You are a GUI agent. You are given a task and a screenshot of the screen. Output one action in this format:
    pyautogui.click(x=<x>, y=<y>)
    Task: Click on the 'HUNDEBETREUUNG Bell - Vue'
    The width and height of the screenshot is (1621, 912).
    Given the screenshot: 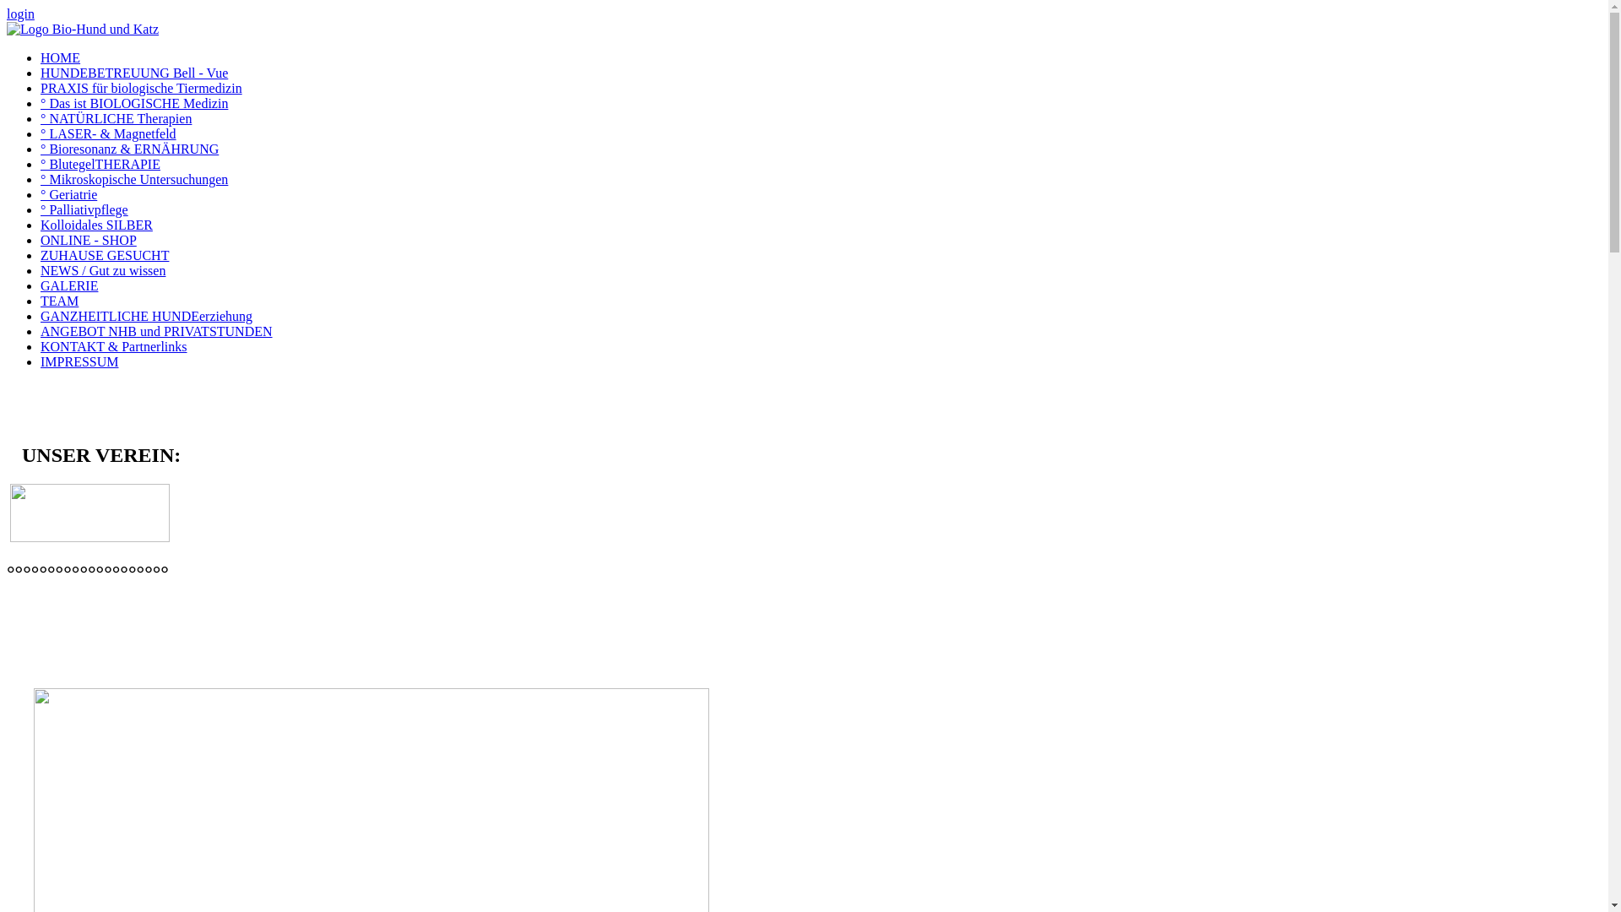 What is the action you would take?
    pyautogui.click(x=133, y=72)
    